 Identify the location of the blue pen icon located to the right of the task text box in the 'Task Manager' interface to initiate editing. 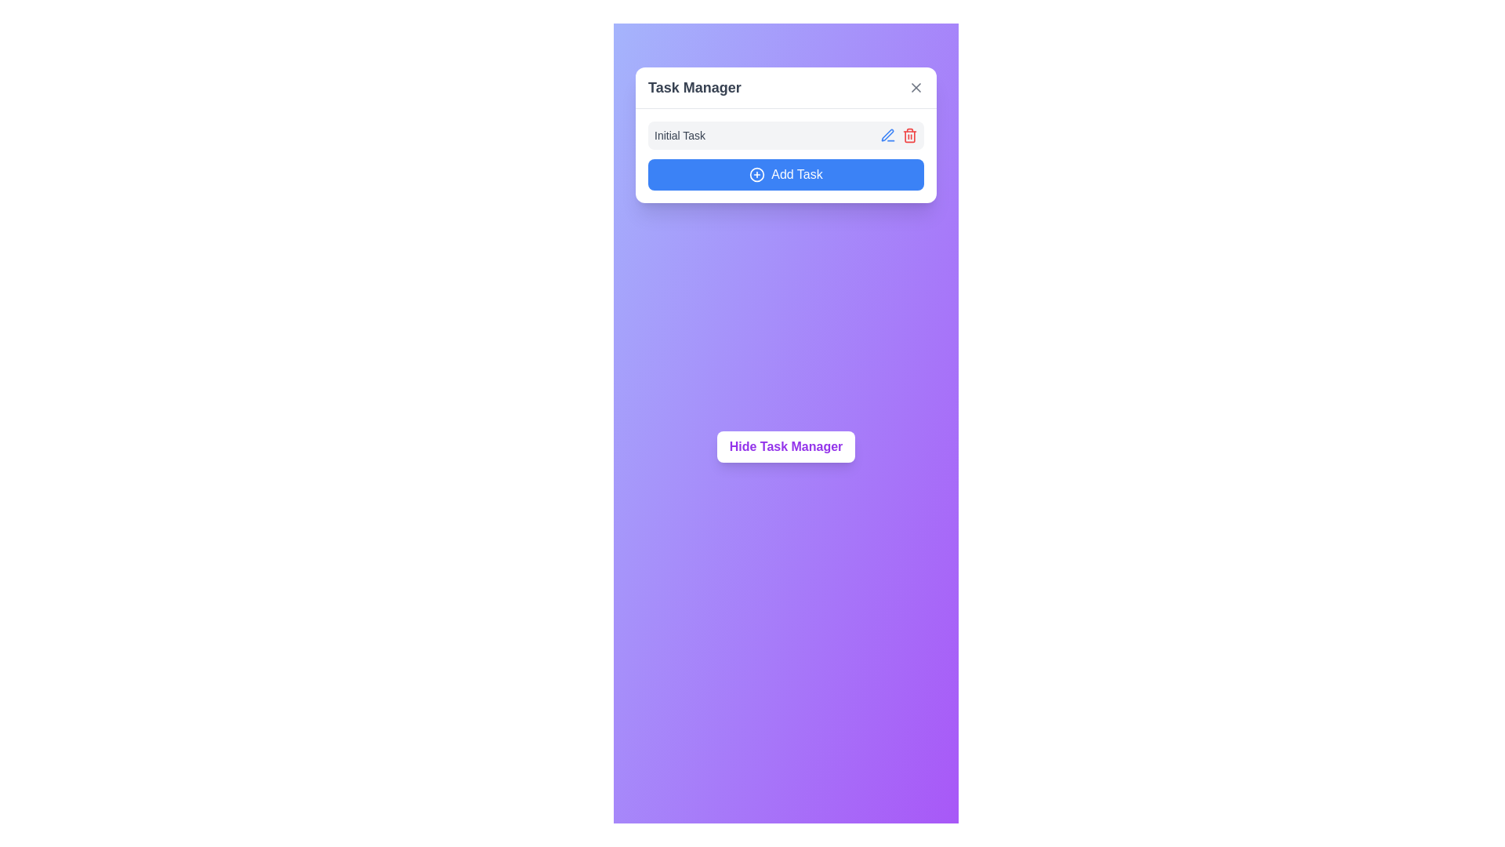
(887, 134).